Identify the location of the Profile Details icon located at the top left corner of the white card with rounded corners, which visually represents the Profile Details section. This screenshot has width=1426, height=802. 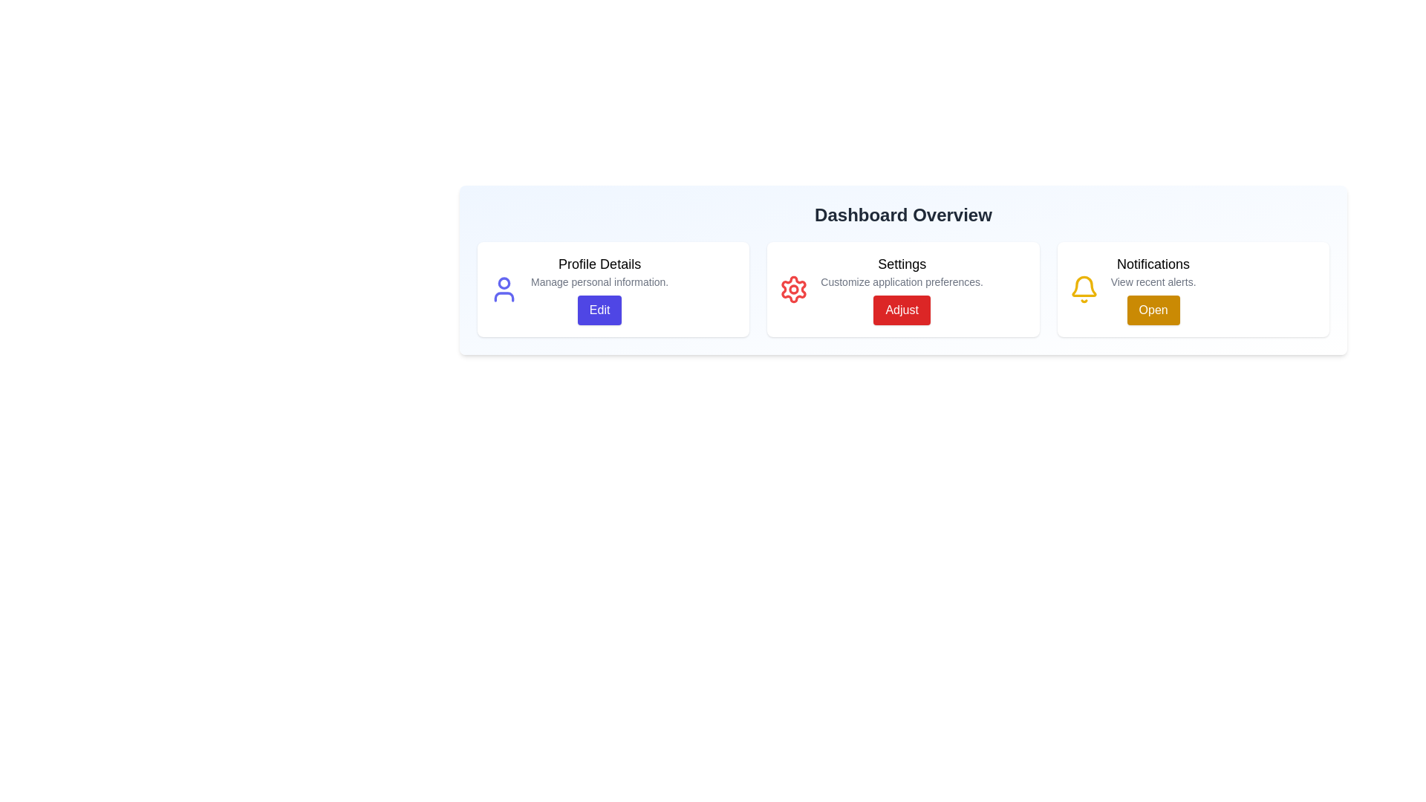
(504, 289).